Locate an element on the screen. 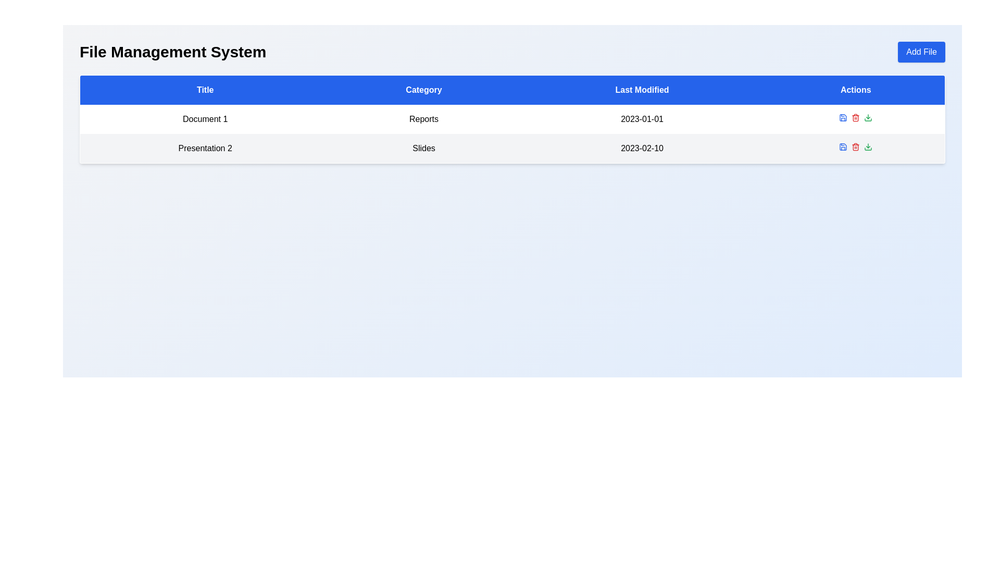 The height and width of the screenshot is (563, 1000). the static text displaying the last modification date for 'Document 1' in the 'Last Modified' column of the table is located at coordinates (642, 118).